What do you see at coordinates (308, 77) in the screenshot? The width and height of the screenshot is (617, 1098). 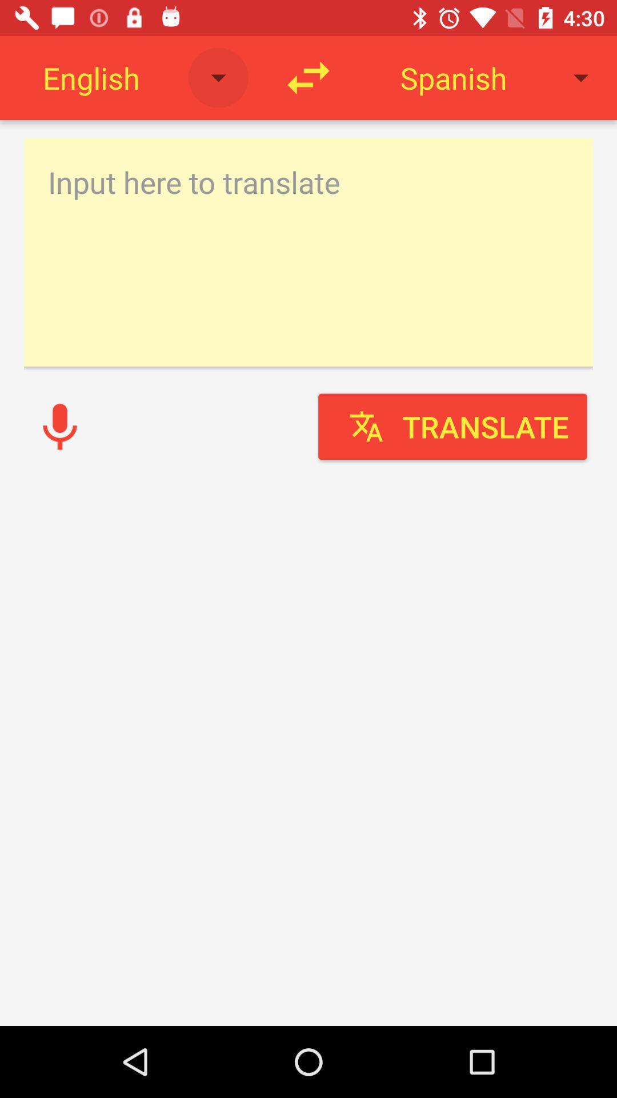 I see `switch direction of translation` at bounding box center [308, 77].